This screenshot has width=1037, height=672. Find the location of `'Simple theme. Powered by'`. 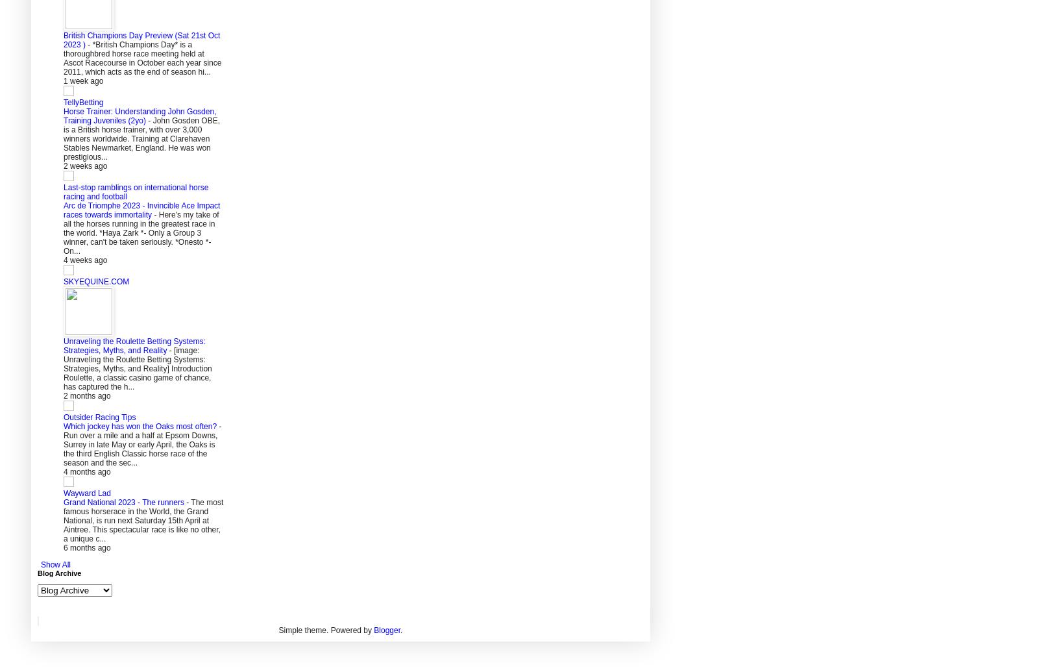

'Simple theme. Powered by' is located at coordinates (326, 630).